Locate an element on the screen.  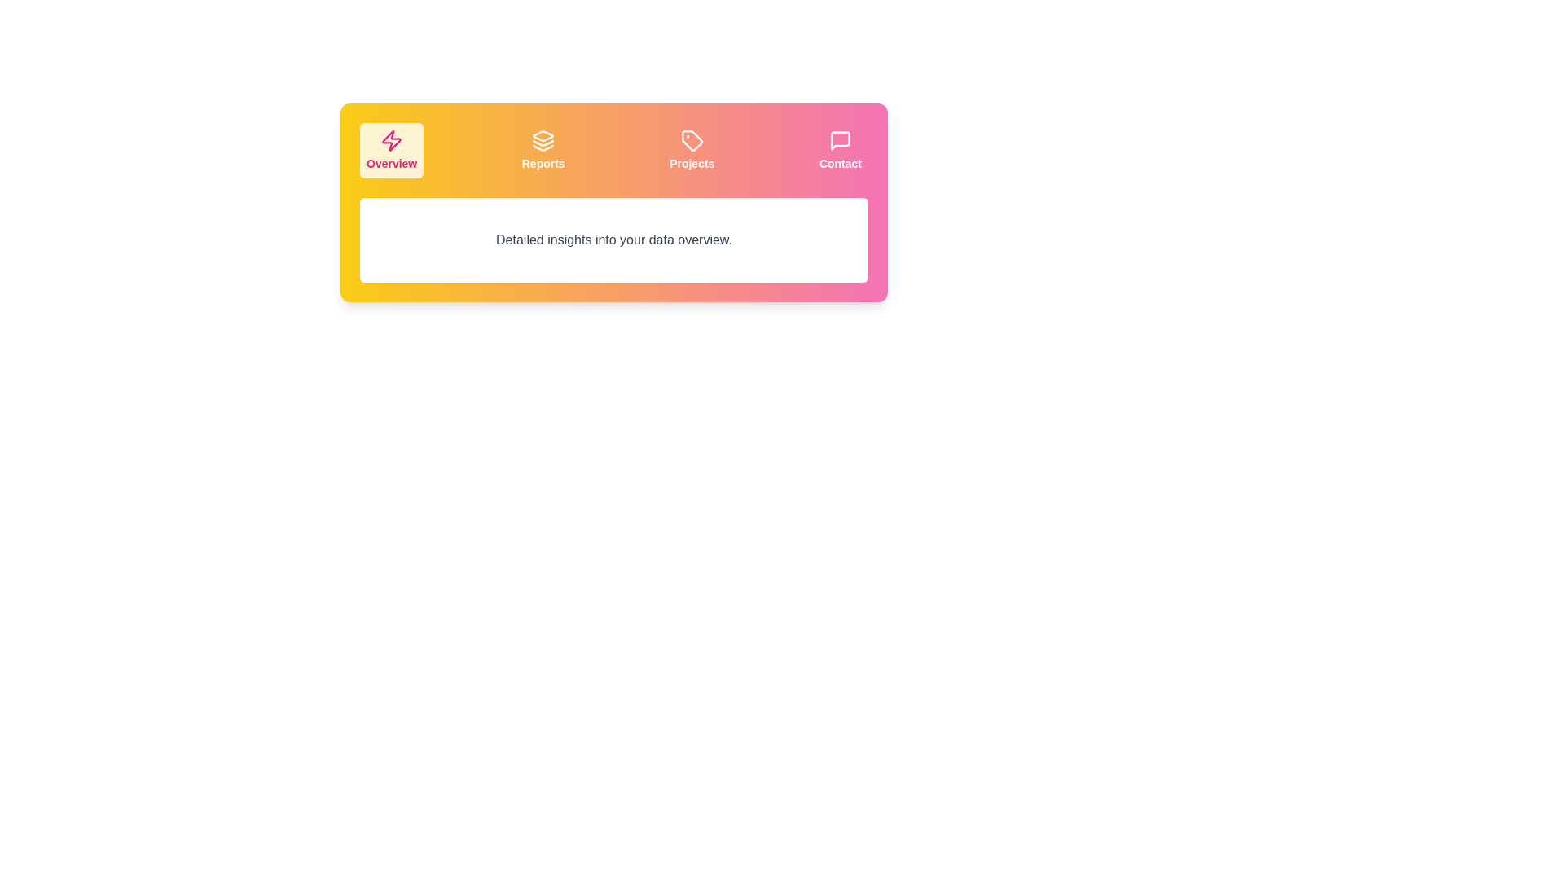
the vibrant orange icon symbolizing layers, located second from the left in the navigation bar above the 'Reports' label is located at coordinates (543, 140).